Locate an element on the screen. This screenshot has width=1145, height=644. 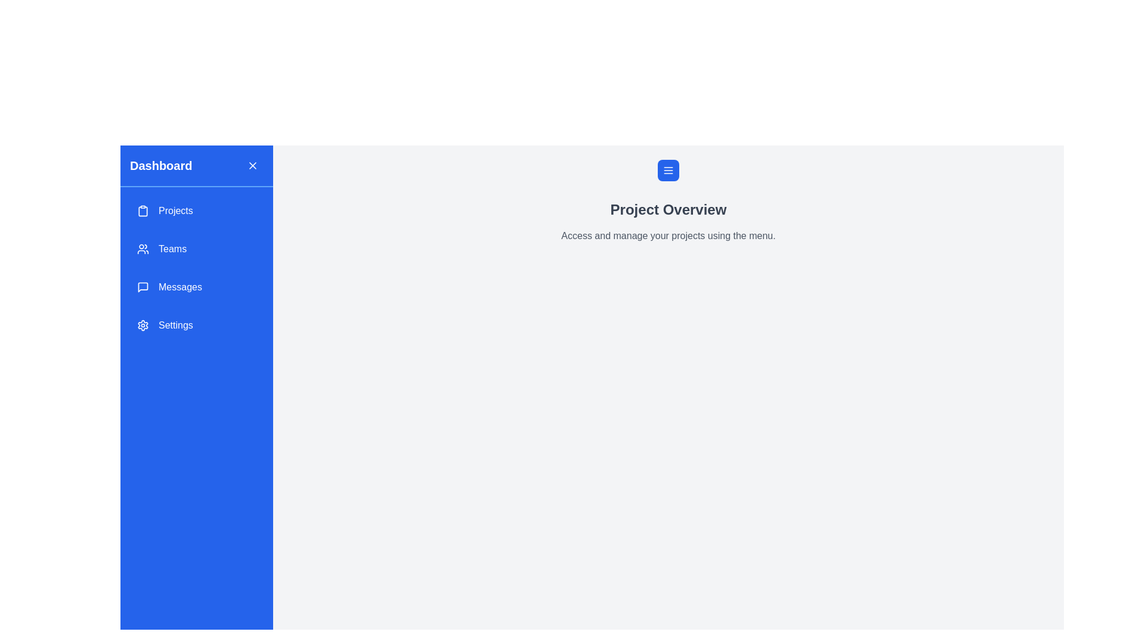
the leftmost icon in the navigation menu's 'Teams' row is located at coordinates (143, 248).